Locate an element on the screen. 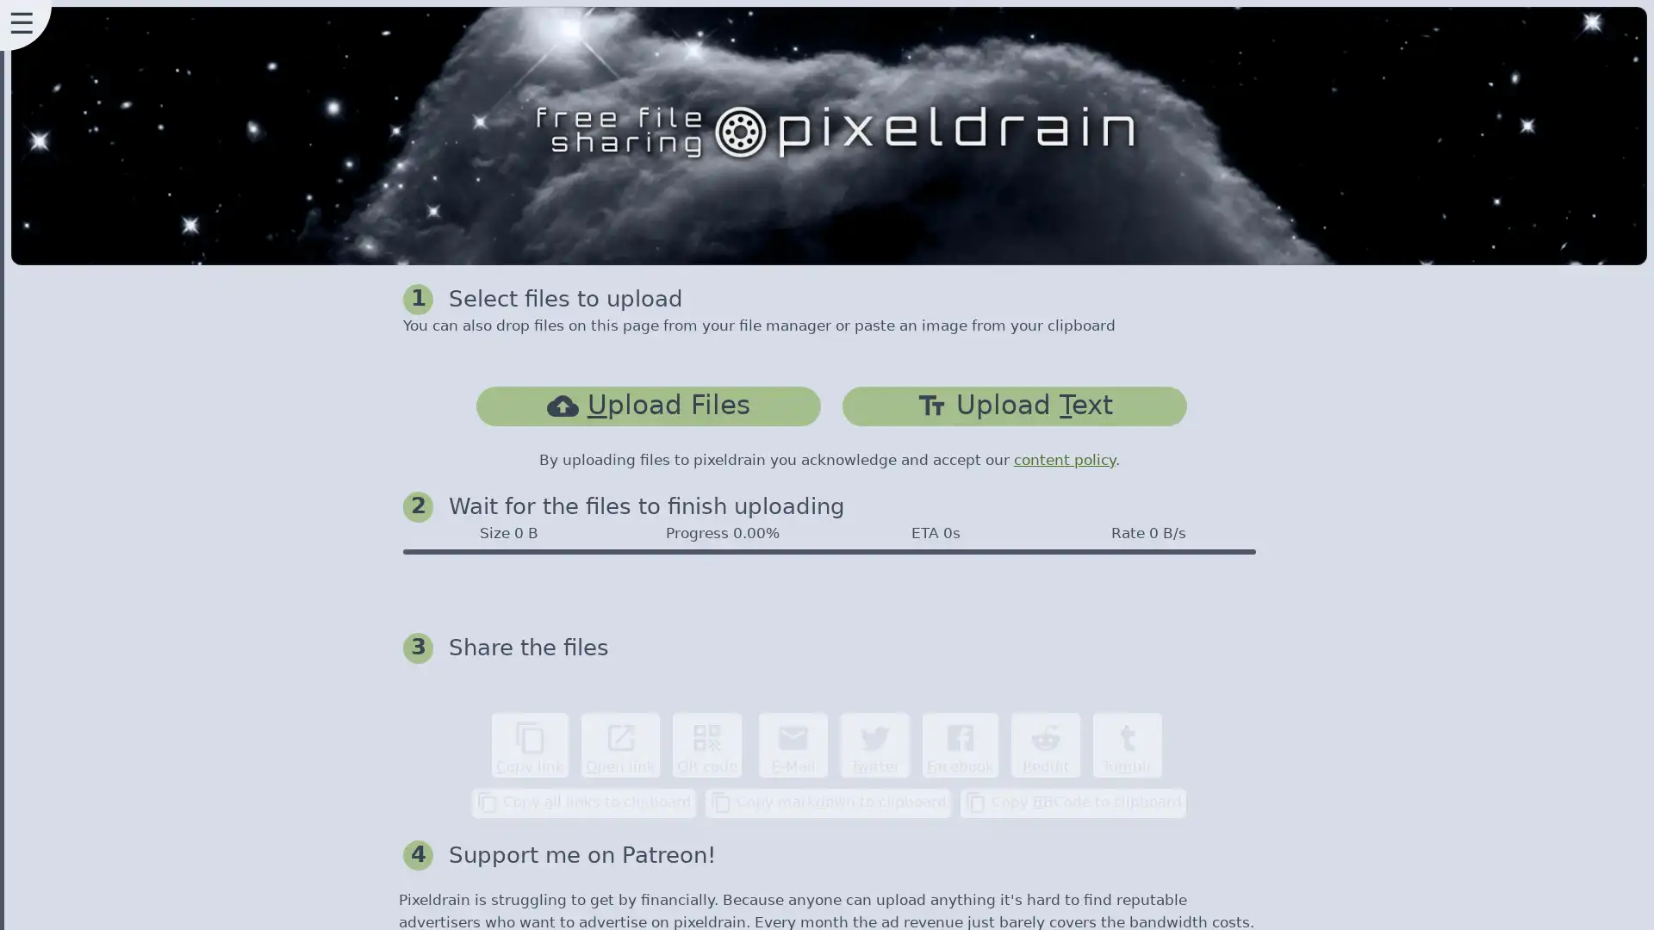 This screenshot has height=930, width=1654. content_copy Copy markdown to clipboard is located at coordinates (949, 803).